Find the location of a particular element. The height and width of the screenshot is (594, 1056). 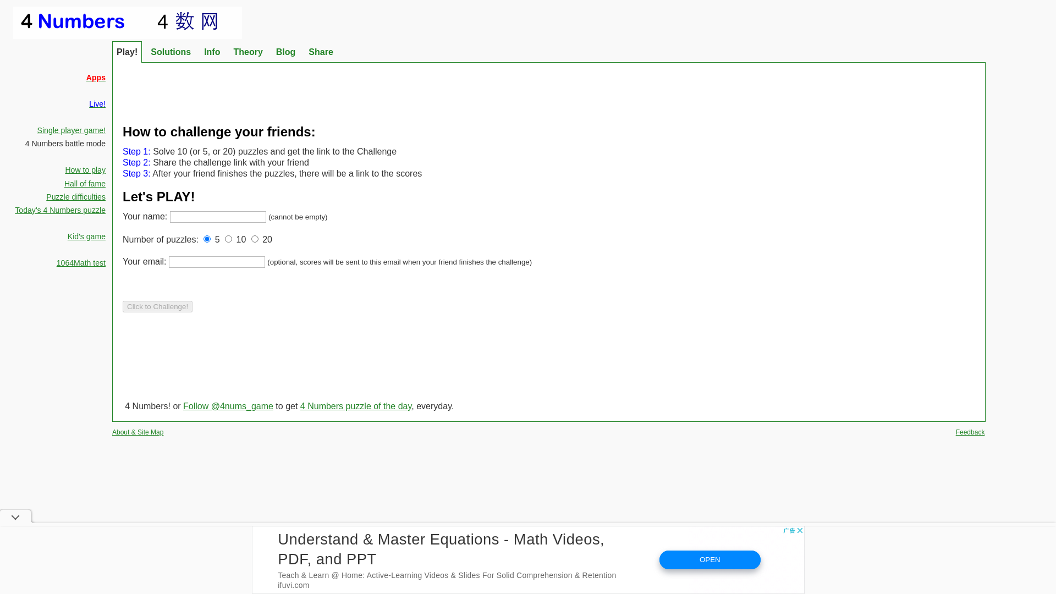

'Theory' is located at coordinates (228, 52).